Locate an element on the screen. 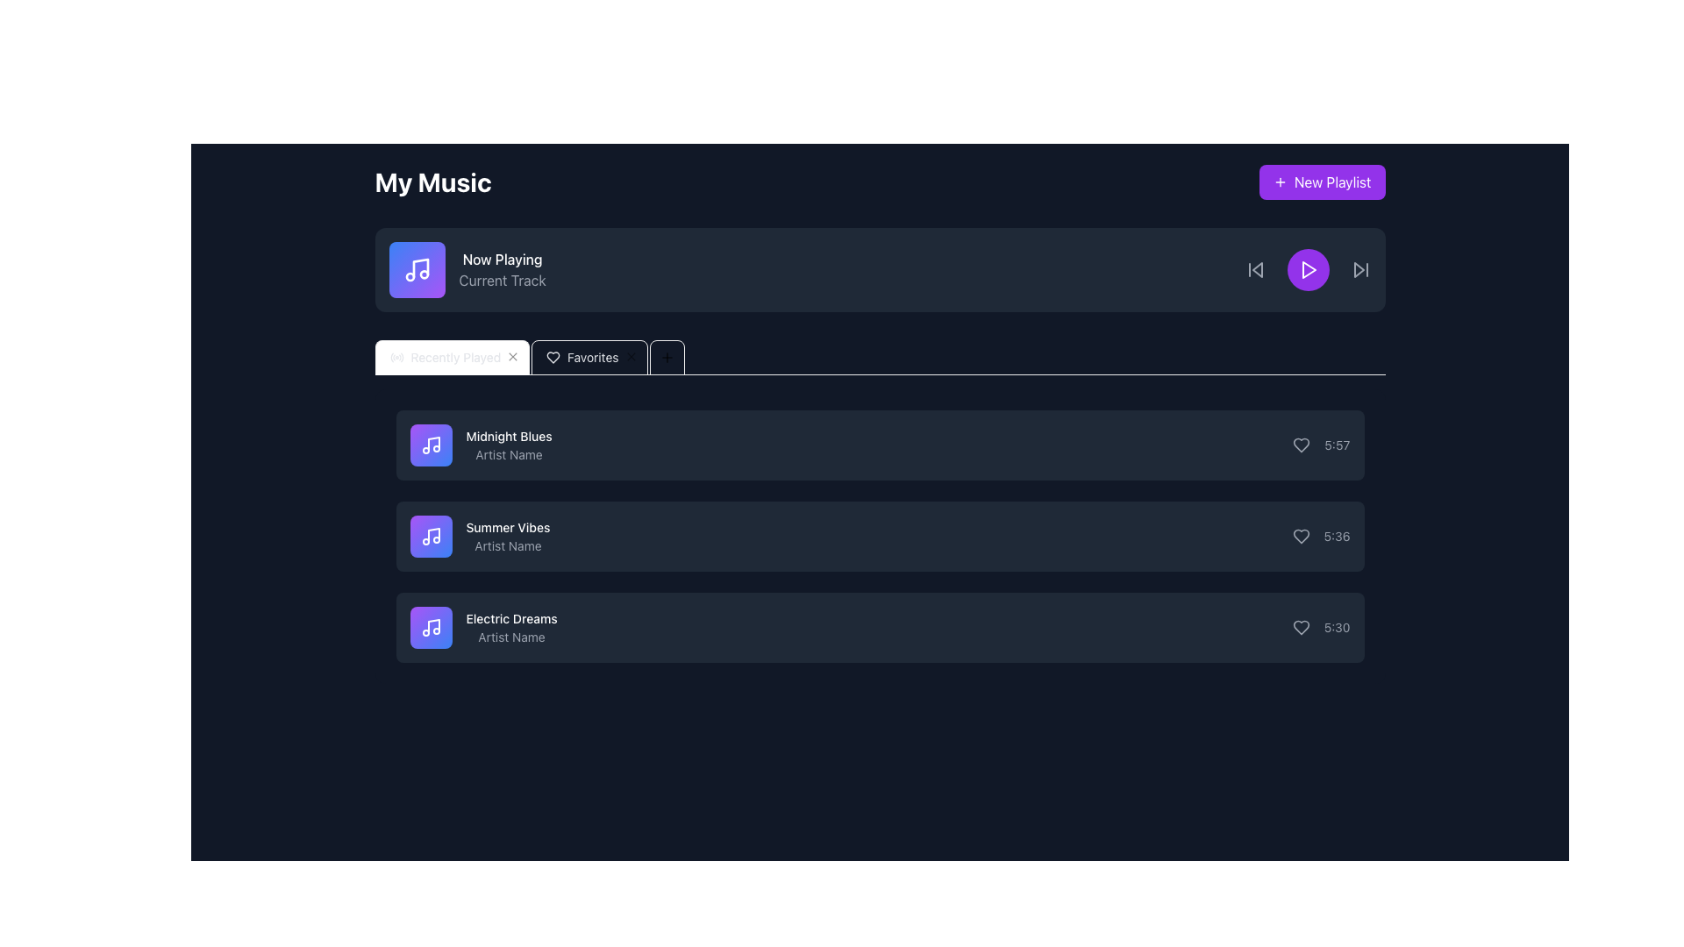 The image size is (1684, 947). the close icon represented by a simplistic 'x' design located at the end of the 'Favorites' tab is located at coordinates (512, 356).